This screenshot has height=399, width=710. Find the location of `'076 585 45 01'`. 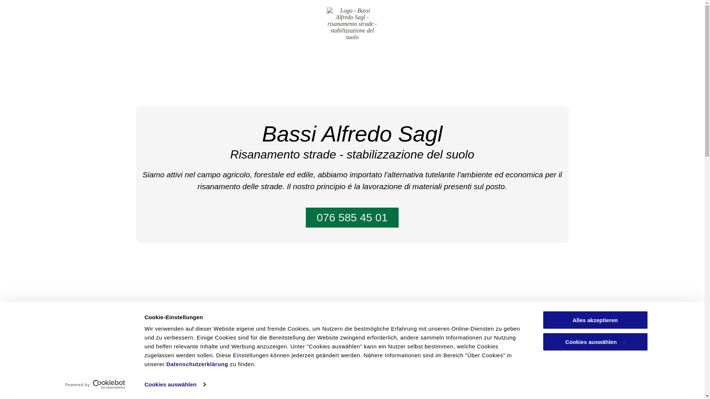

'076 585 45 01' is located at coordinates (305, 217).